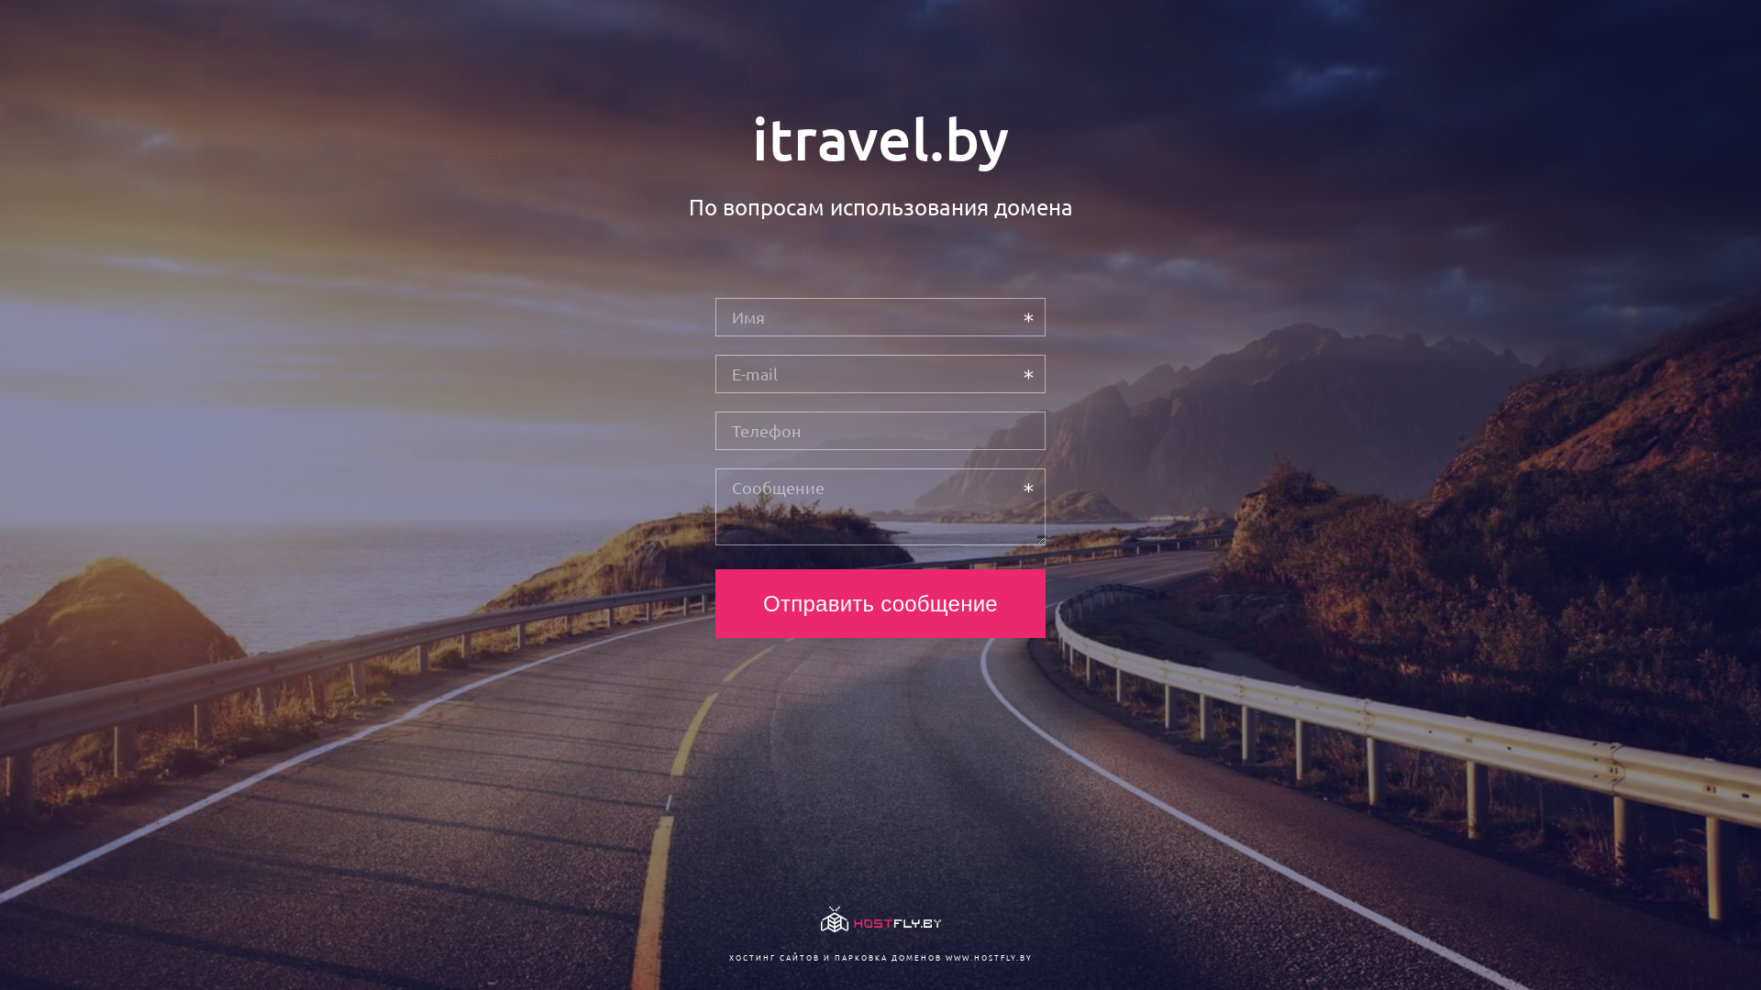  I want to click on 'WWW.HOSTFLY.BY', so click(987, 956).